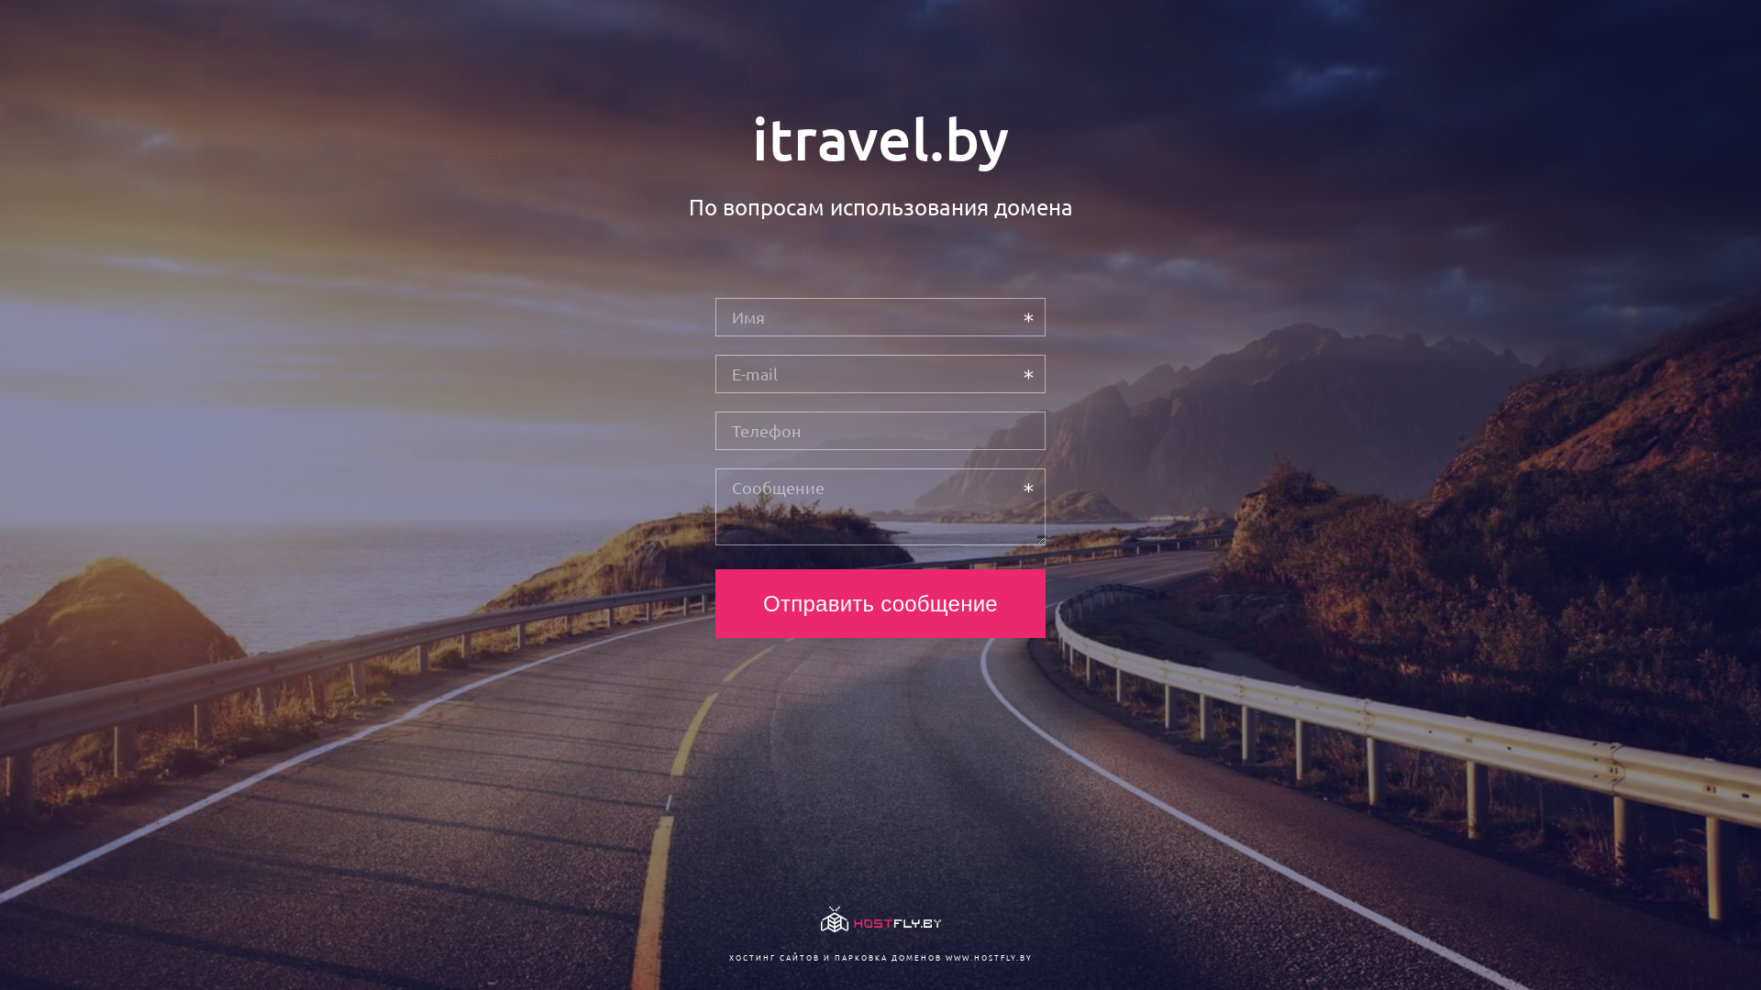  I want to click on 'WWW.HOSTFLY.BY', so click(987, 956).